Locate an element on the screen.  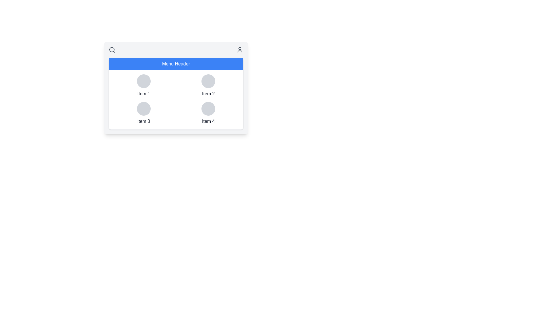
the magnifying glass icon button is located at coordinates (112, 49).